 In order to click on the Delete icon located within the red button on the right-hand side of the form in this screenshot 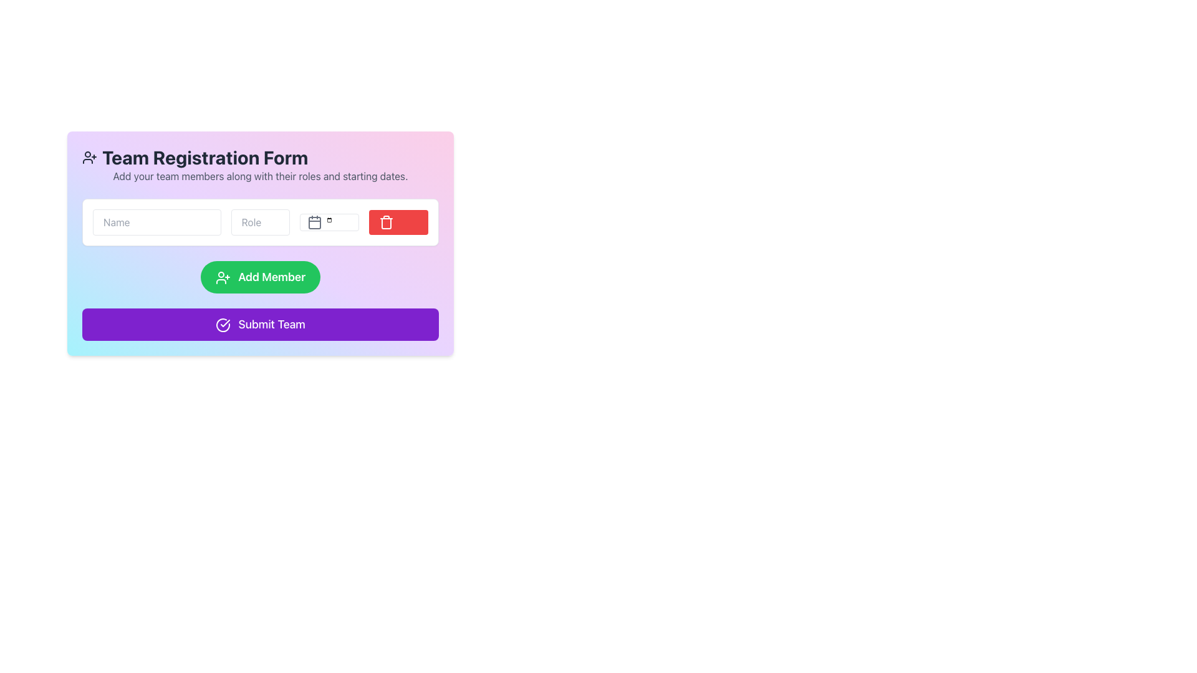, I will do `click(386, 222)`.